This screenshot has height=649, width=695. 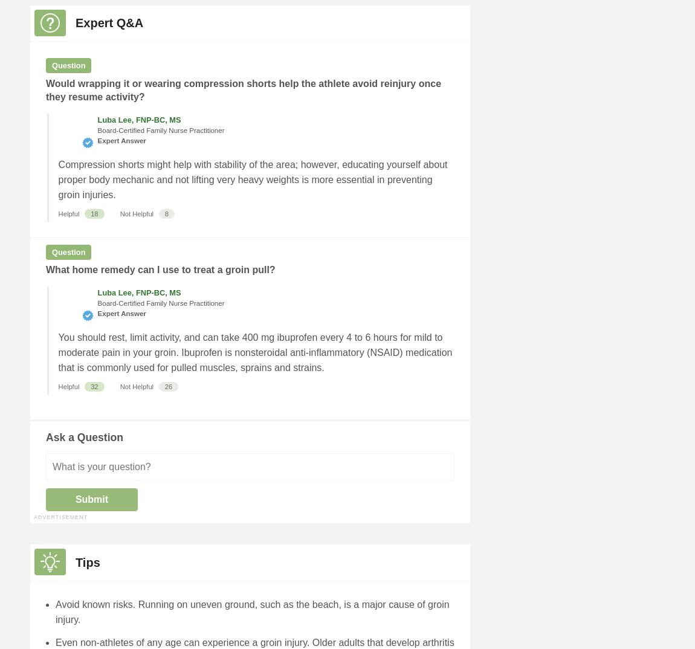 I want to click on '32', so click(x=89, y=386).